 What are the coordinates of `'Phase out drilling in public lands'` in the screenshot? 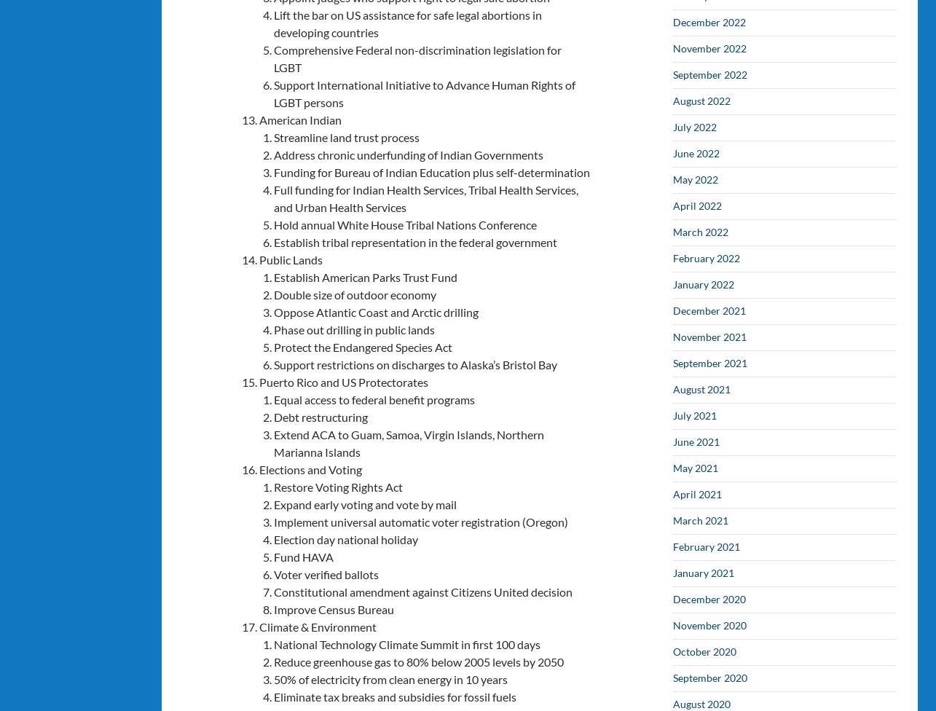 It's located at (354, 328).